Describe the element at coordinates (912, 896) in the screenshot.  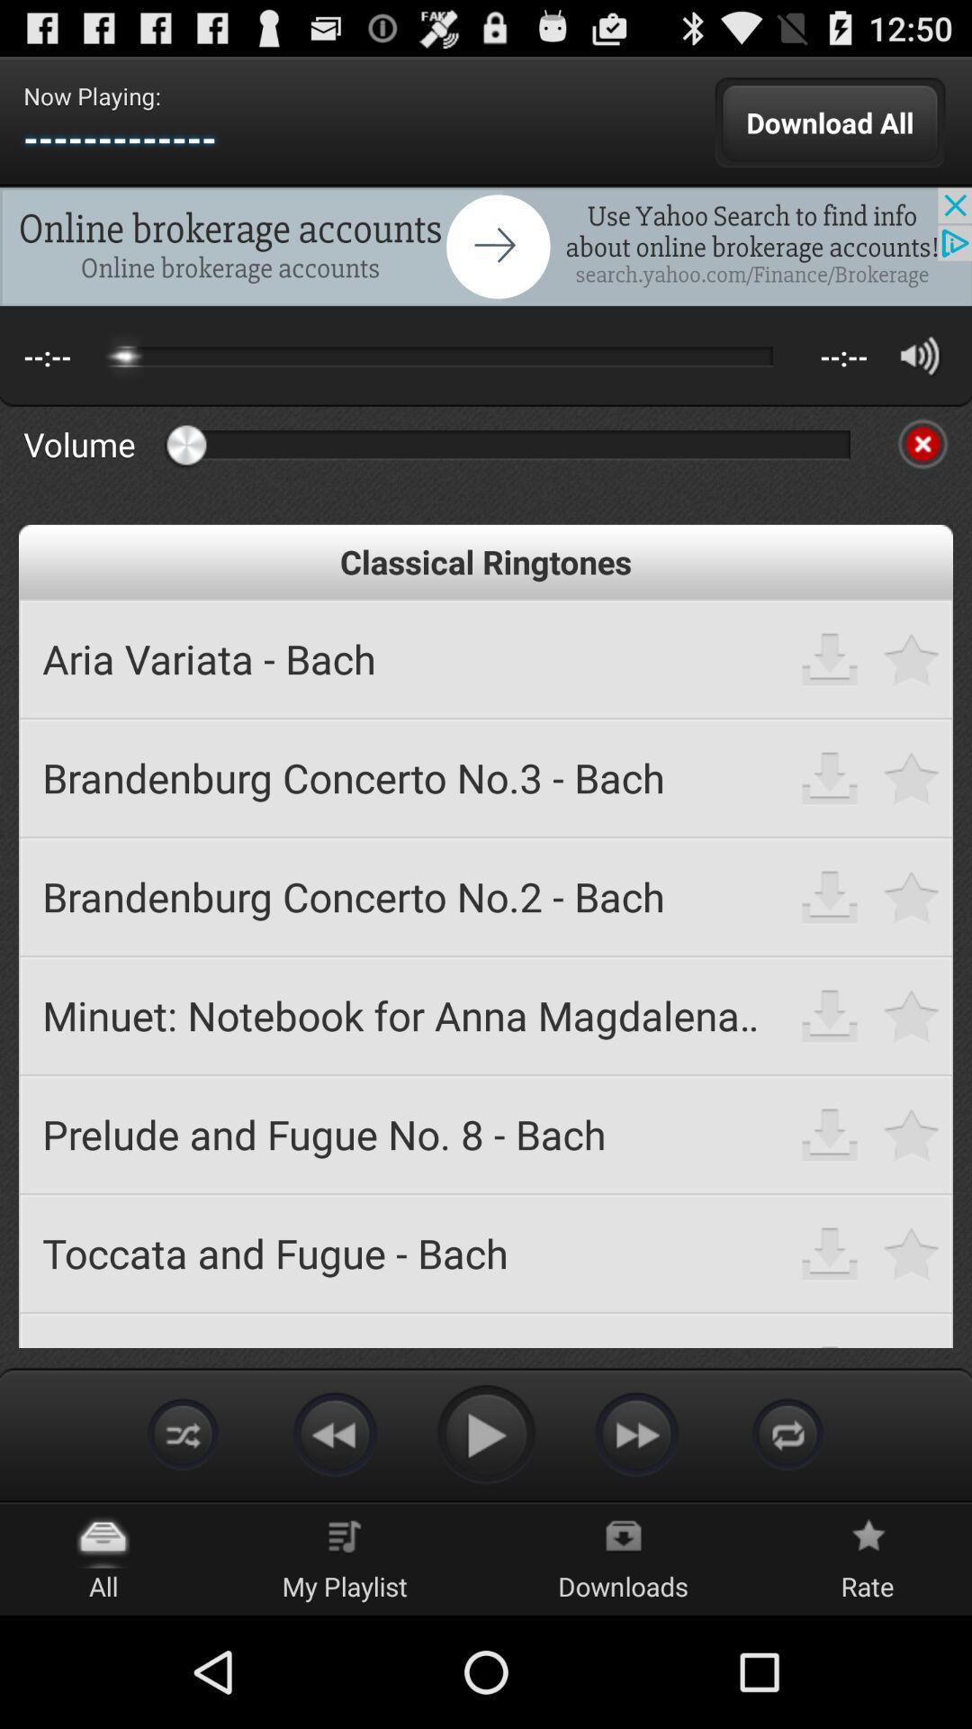
I see `to bookmark button` at that location.